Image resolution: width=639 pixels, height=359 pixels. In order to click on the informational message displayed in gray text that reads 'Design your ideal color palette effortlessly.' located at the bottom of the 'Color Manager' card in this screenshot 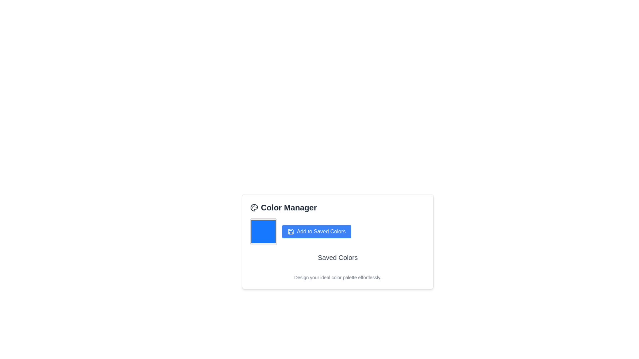, I will do `click(337, 277)`.